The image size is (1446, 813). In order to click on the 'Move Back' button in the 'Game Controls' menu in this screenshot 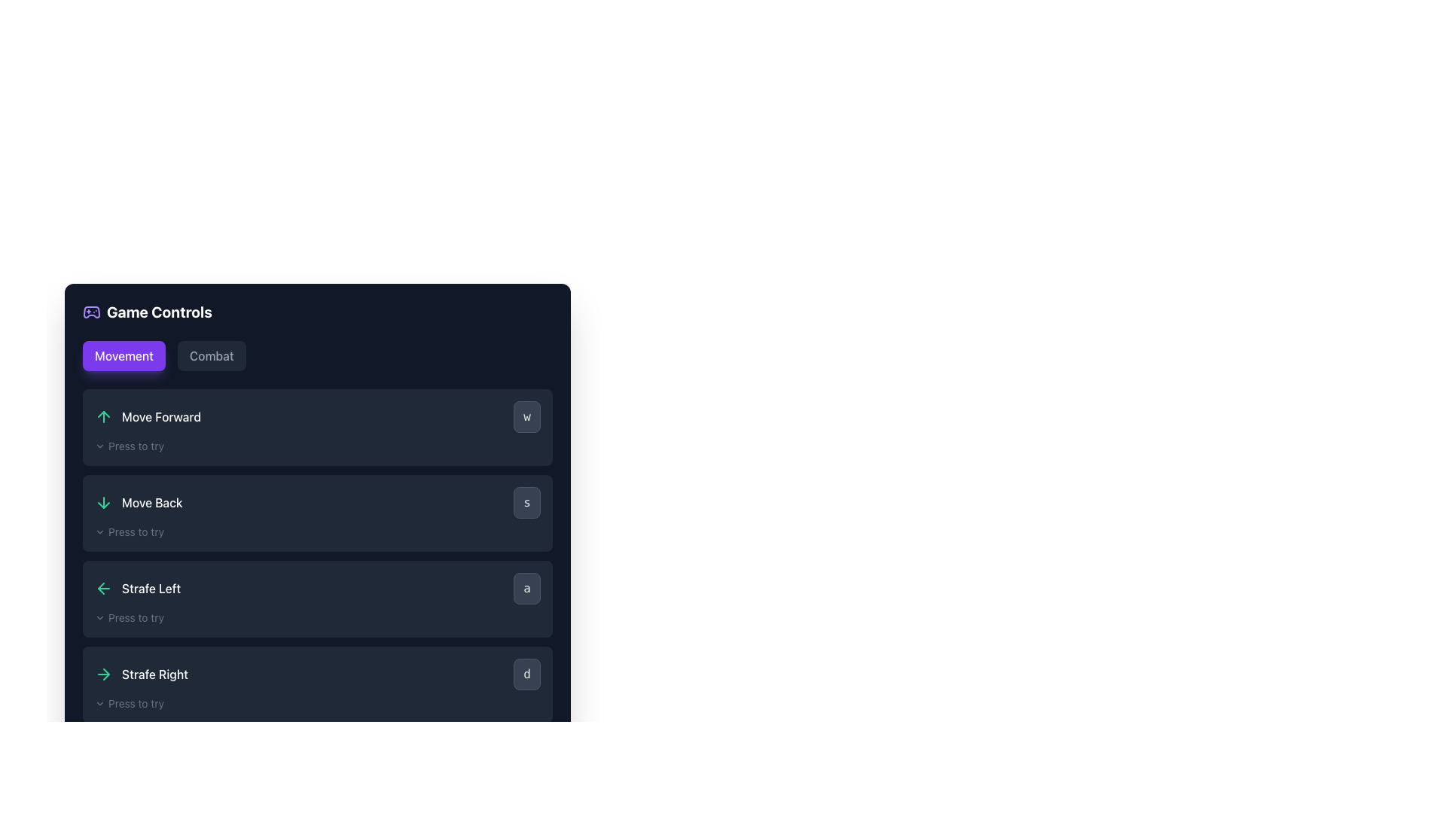, I will do `click(317, 502)`.